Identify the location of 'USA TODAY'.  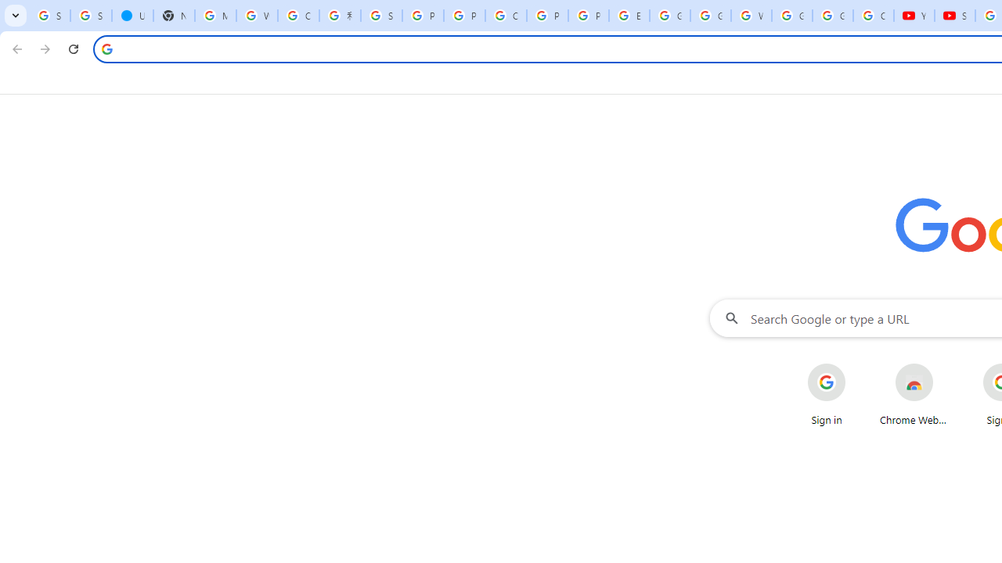
(132, 16).